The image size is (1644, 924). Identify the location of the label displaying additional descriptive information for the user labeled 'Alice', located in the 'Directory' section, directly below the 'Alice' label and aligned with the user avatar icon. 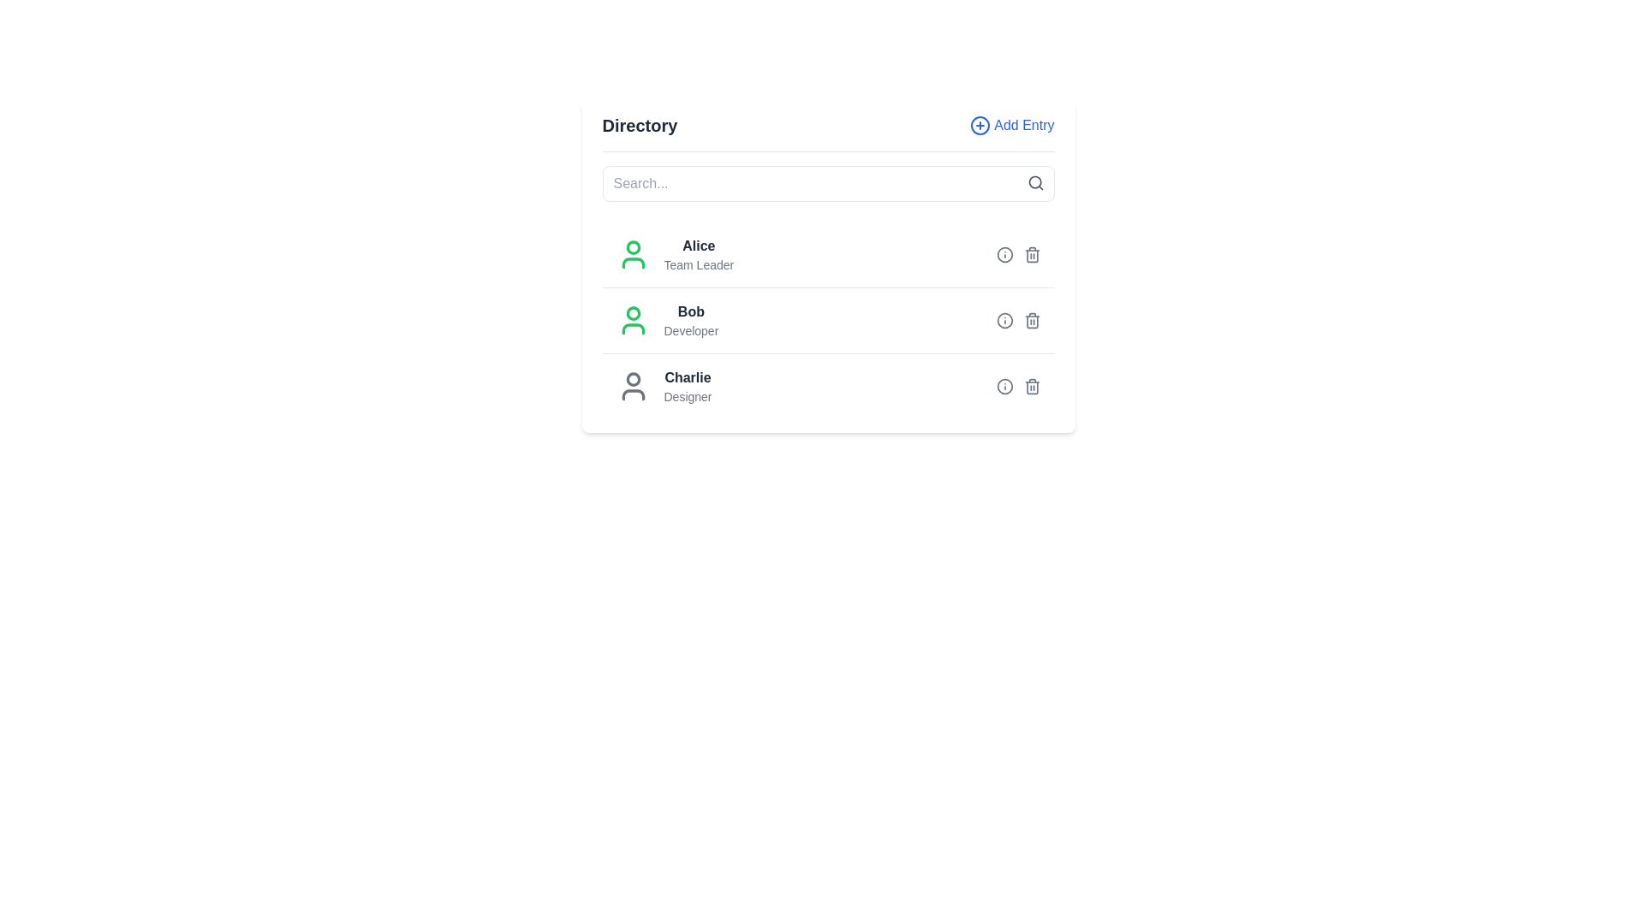
(699, 264).